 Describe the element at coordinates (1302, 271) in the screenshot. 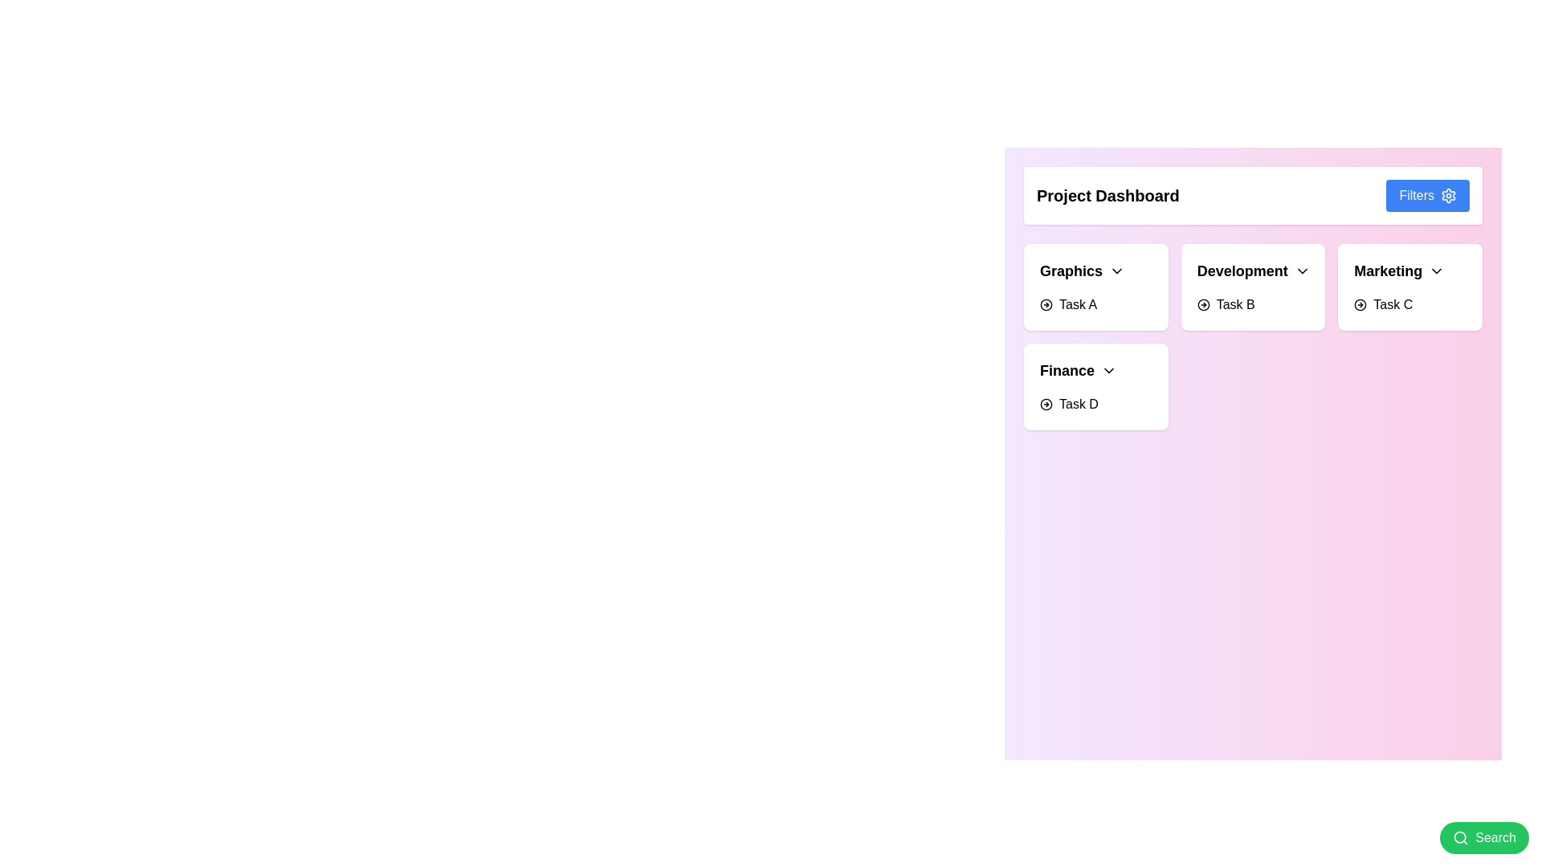

I see `the dropdown toggle icon located to the right of the 'Development' text` at that location.